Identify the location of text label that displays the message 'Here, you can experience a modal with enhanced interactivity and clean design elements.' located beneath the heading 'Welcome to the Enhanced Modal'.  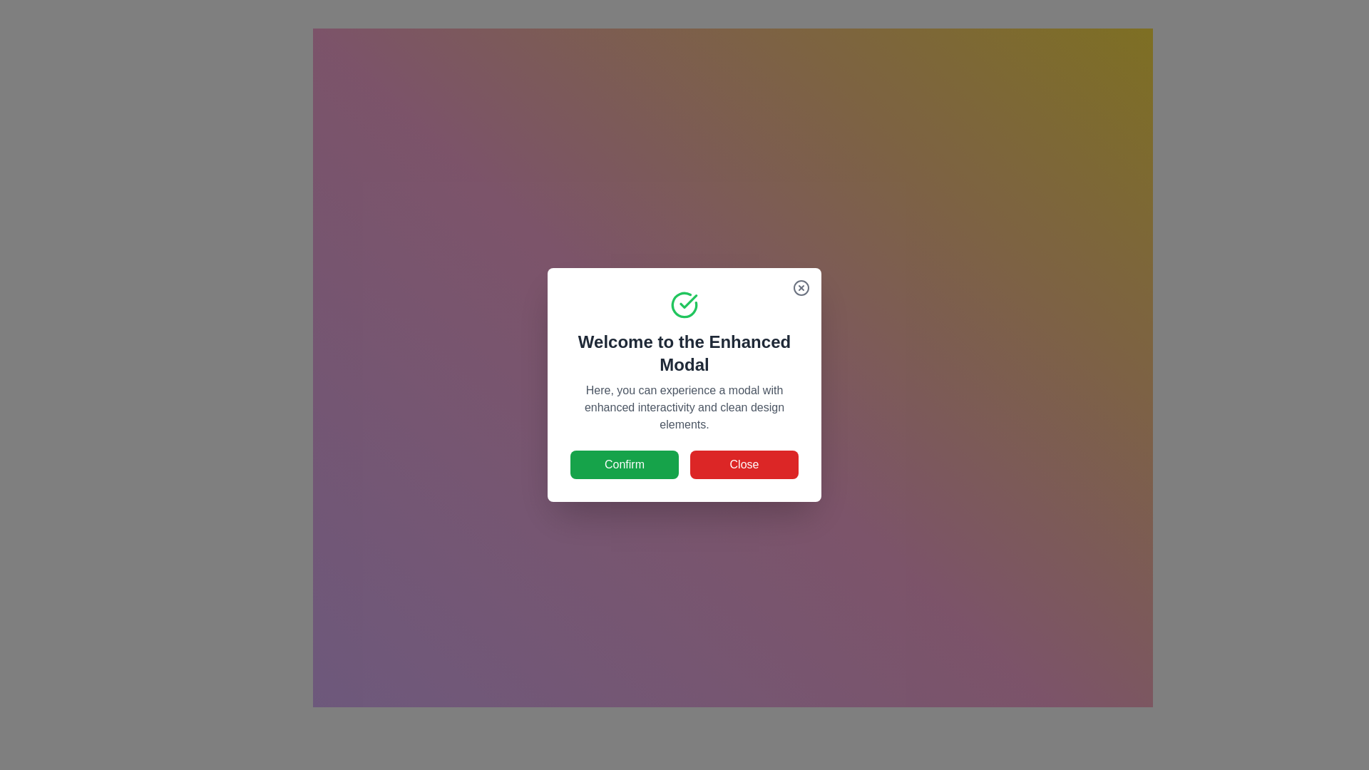
(684, 407).